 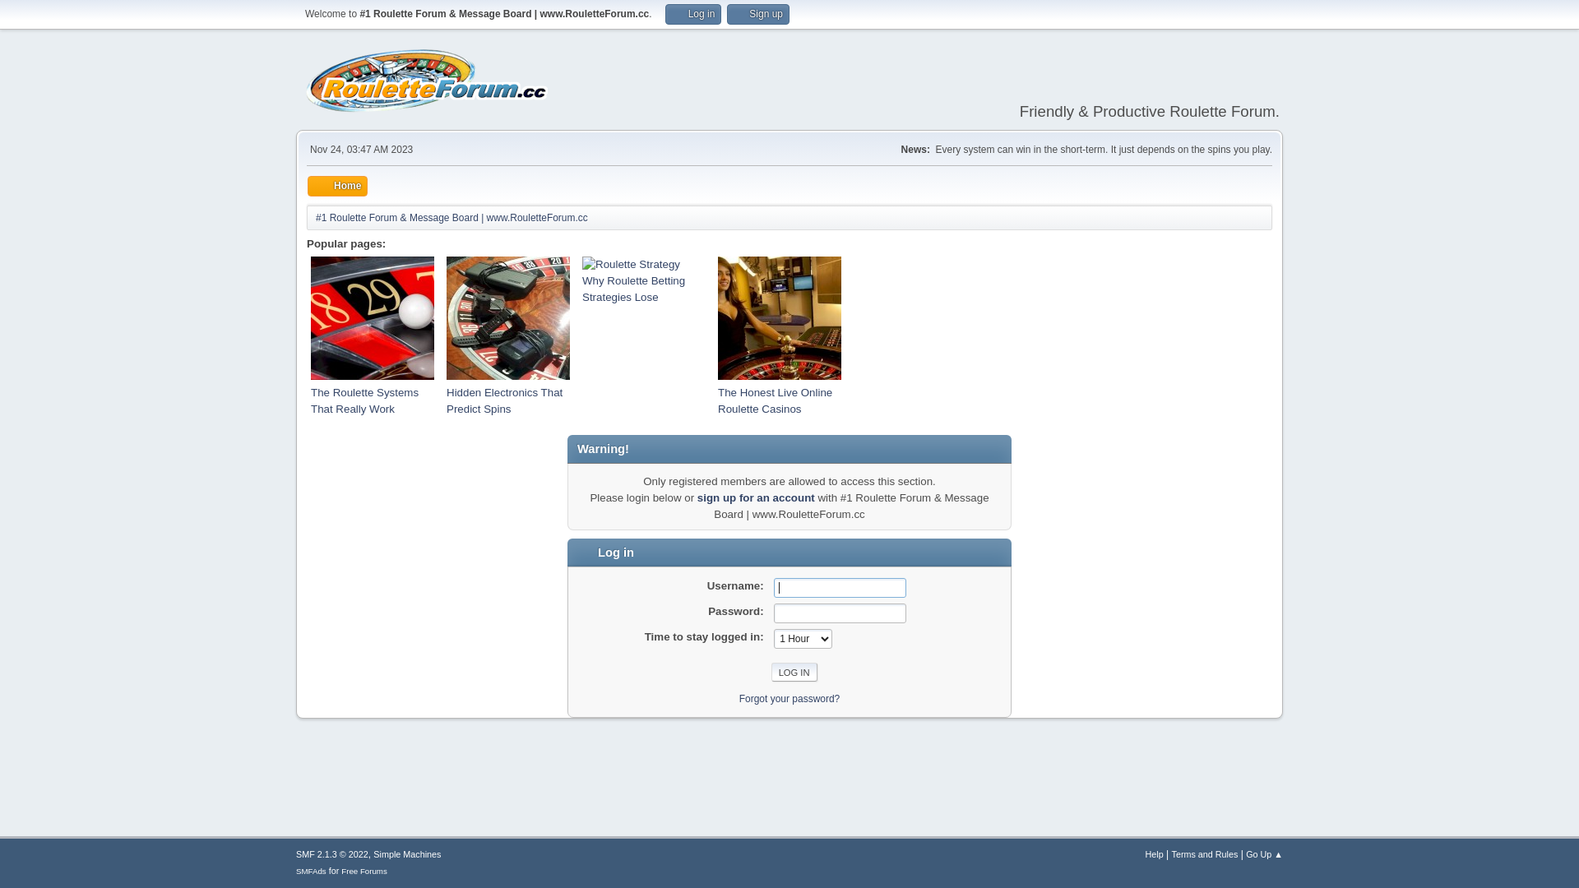 I want to click on '#1 Roulette Forum & Message Board | www.RouletteForum.cc', so click(x=451, y=214).